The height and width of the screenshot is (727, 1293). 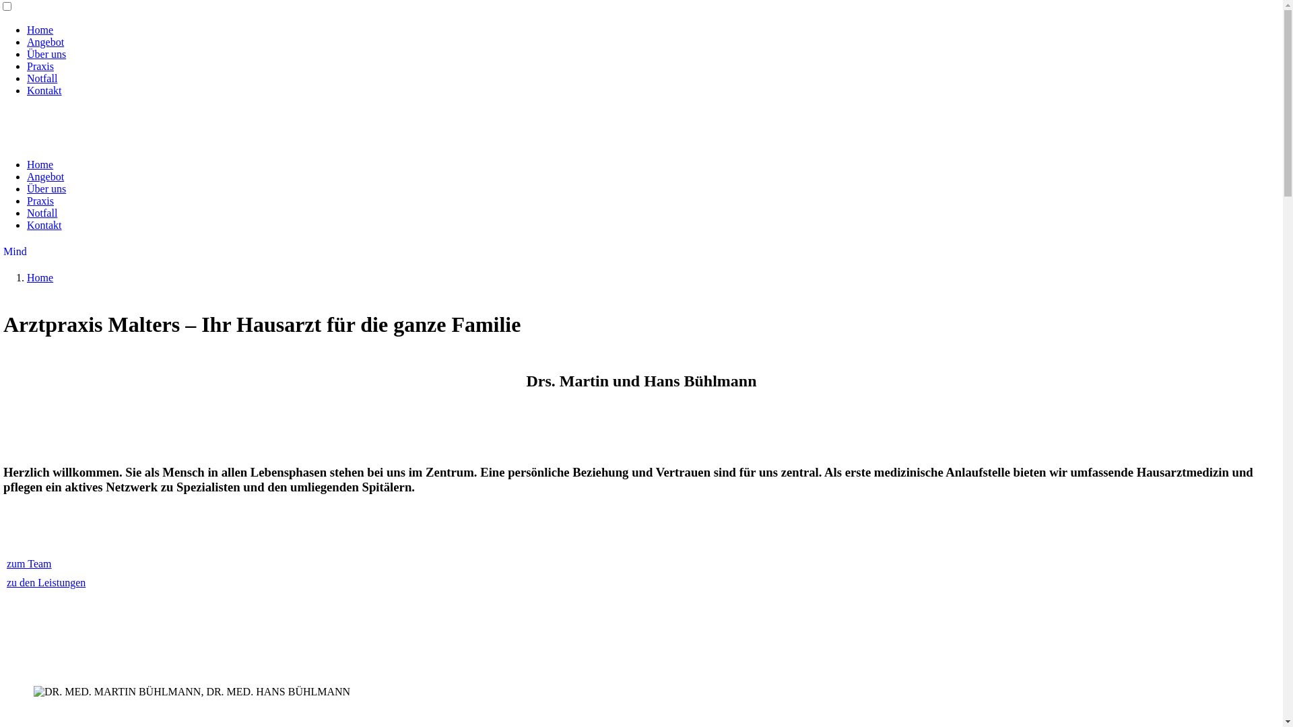 I want to click on 'Praxis', so click(x=40, y=66).